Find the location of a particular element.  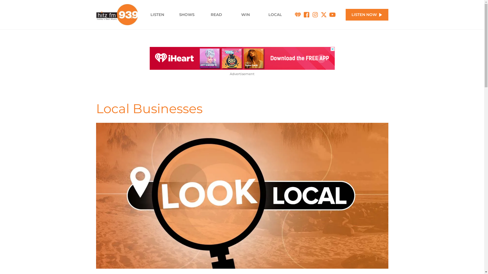

'LISTEN NOW' is located at coordinates (367, 14).